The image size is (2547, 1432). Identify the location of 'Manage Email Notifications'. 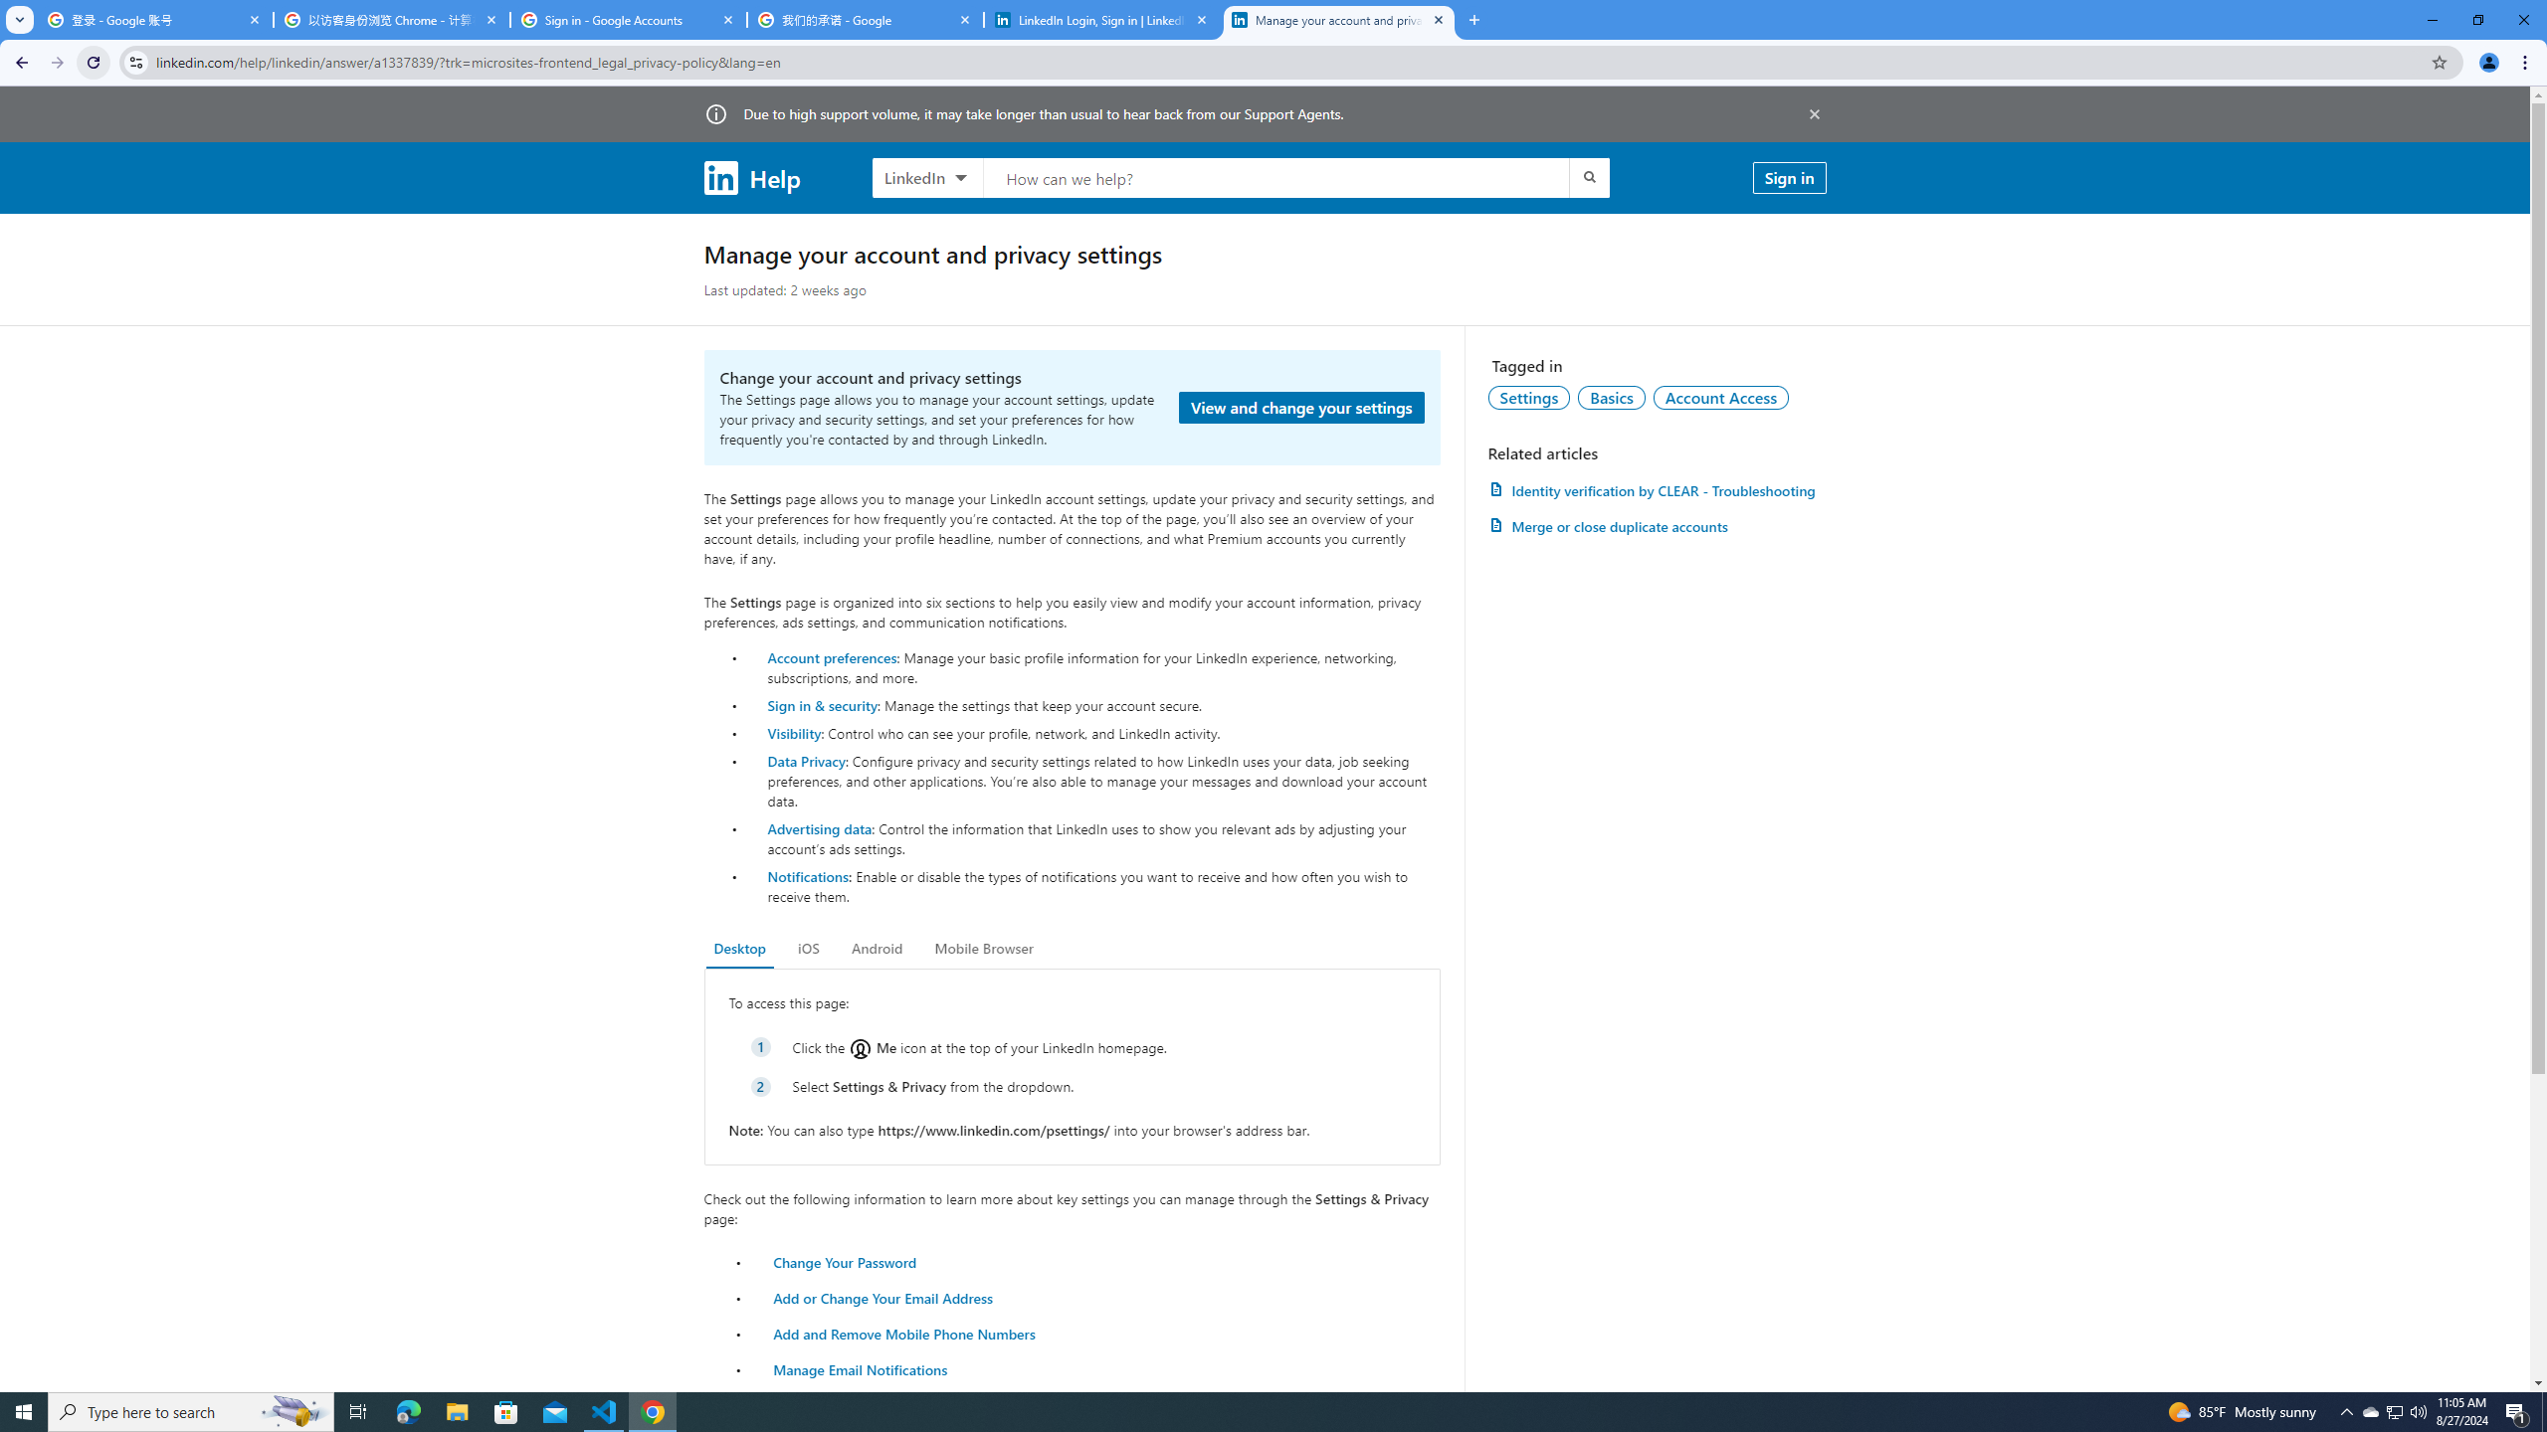
(860, 1367).